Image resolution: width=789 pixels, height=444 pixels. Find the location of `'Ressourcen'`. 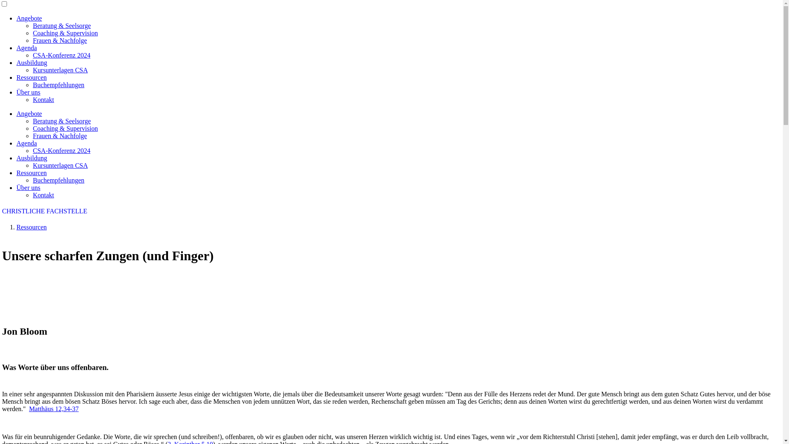

'Ressourcen' is located at coordinates (31, 172).